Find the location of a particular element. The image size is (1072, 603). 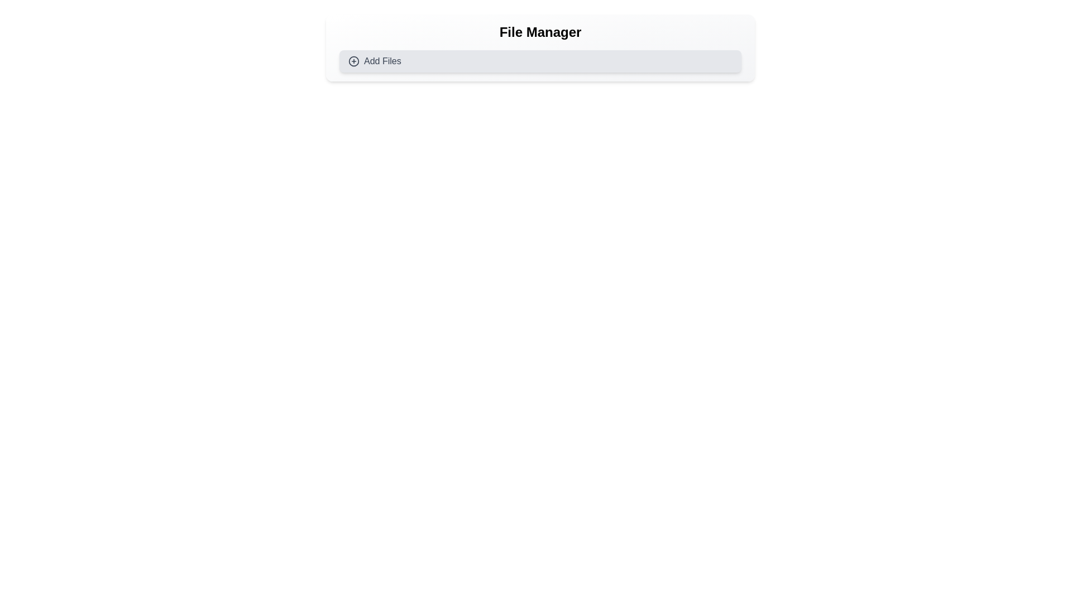

the 'File Manager' header text, which is displayed prominently in a large, bold font at the top-center of the interface is located at coordinates (540, 31).